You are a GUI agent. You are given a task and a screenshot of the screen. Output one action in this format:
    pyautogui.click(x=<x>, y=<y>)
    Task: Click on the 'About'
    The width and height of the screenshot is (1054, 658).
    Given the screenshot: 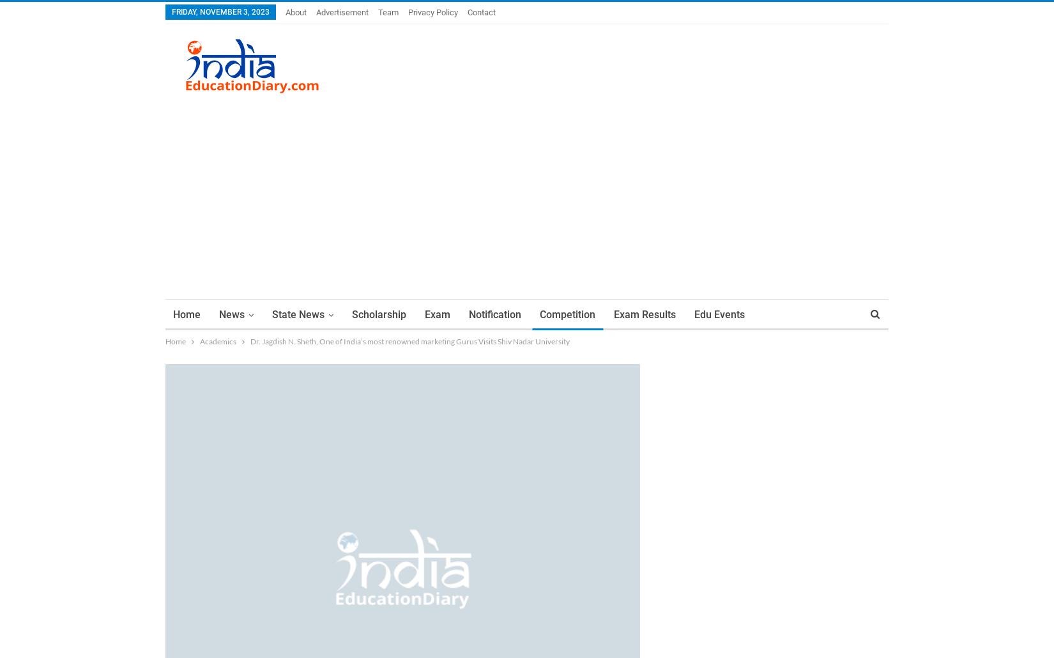 What is the action you would take?
    pyautogui.click(x=284, y=12)
    